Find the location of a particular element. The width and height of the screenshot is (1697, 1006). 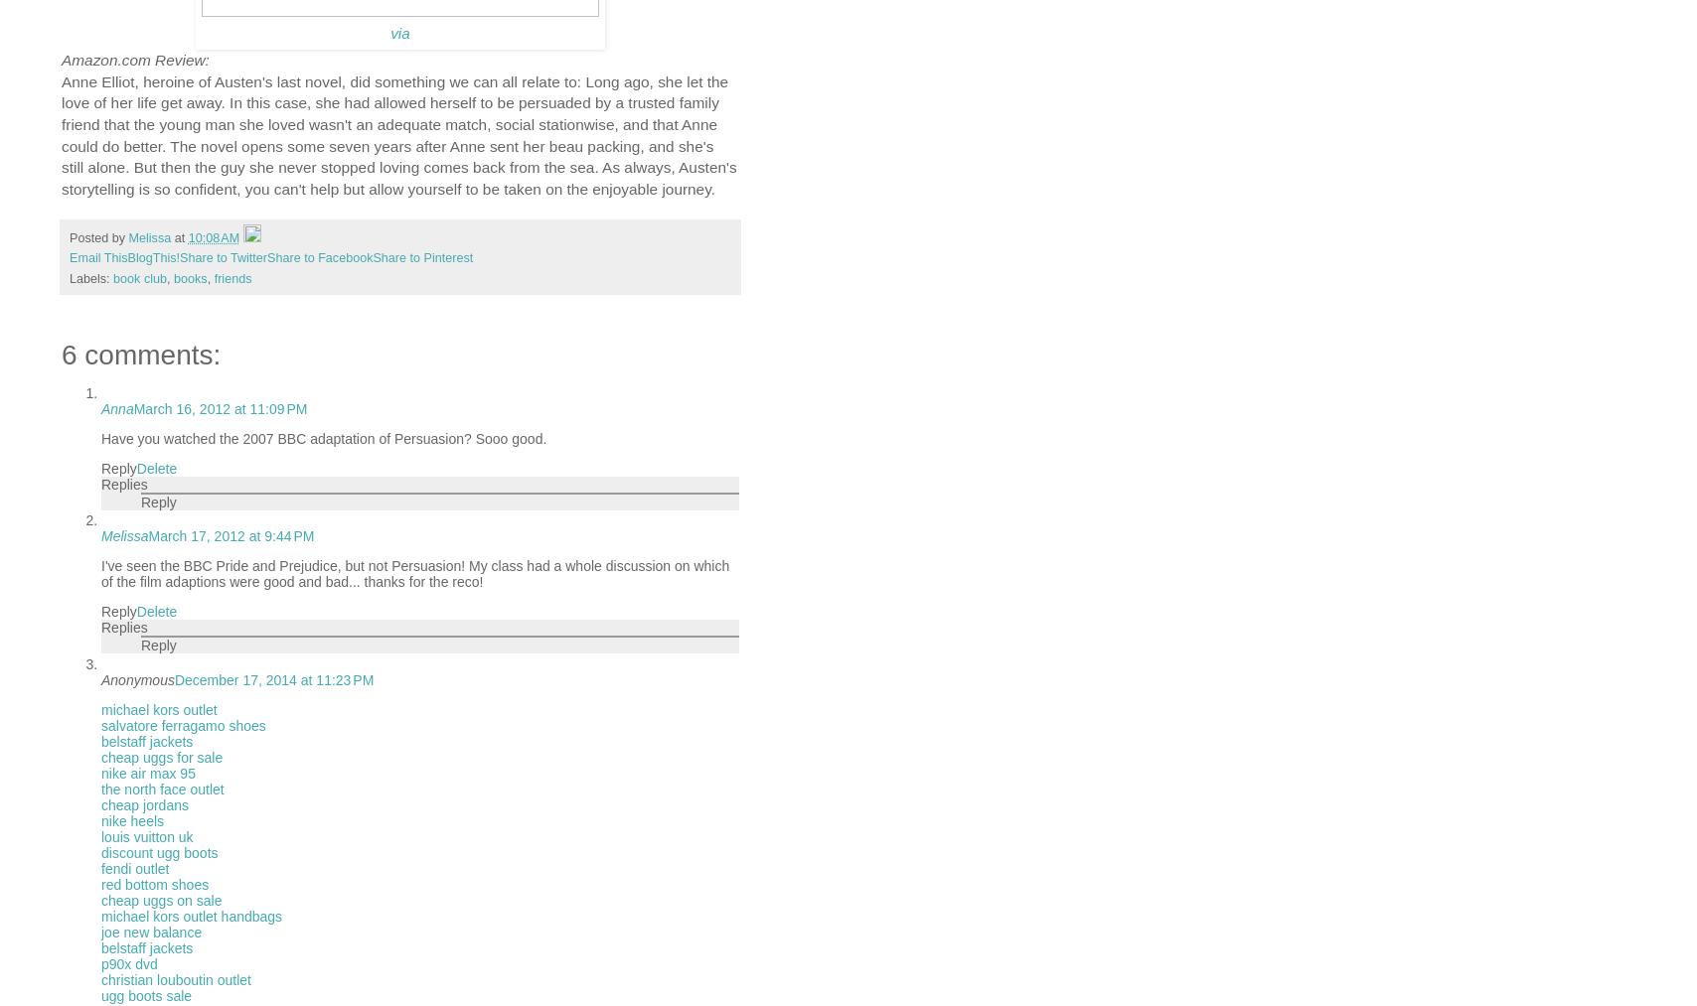

'joe new balance' is located at coordinates (151, 932).